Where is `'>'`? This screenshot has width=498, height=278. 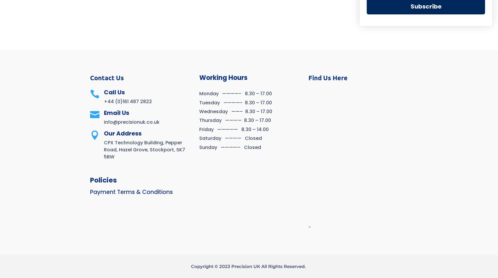
'>' is located at coordinates (309, 227).